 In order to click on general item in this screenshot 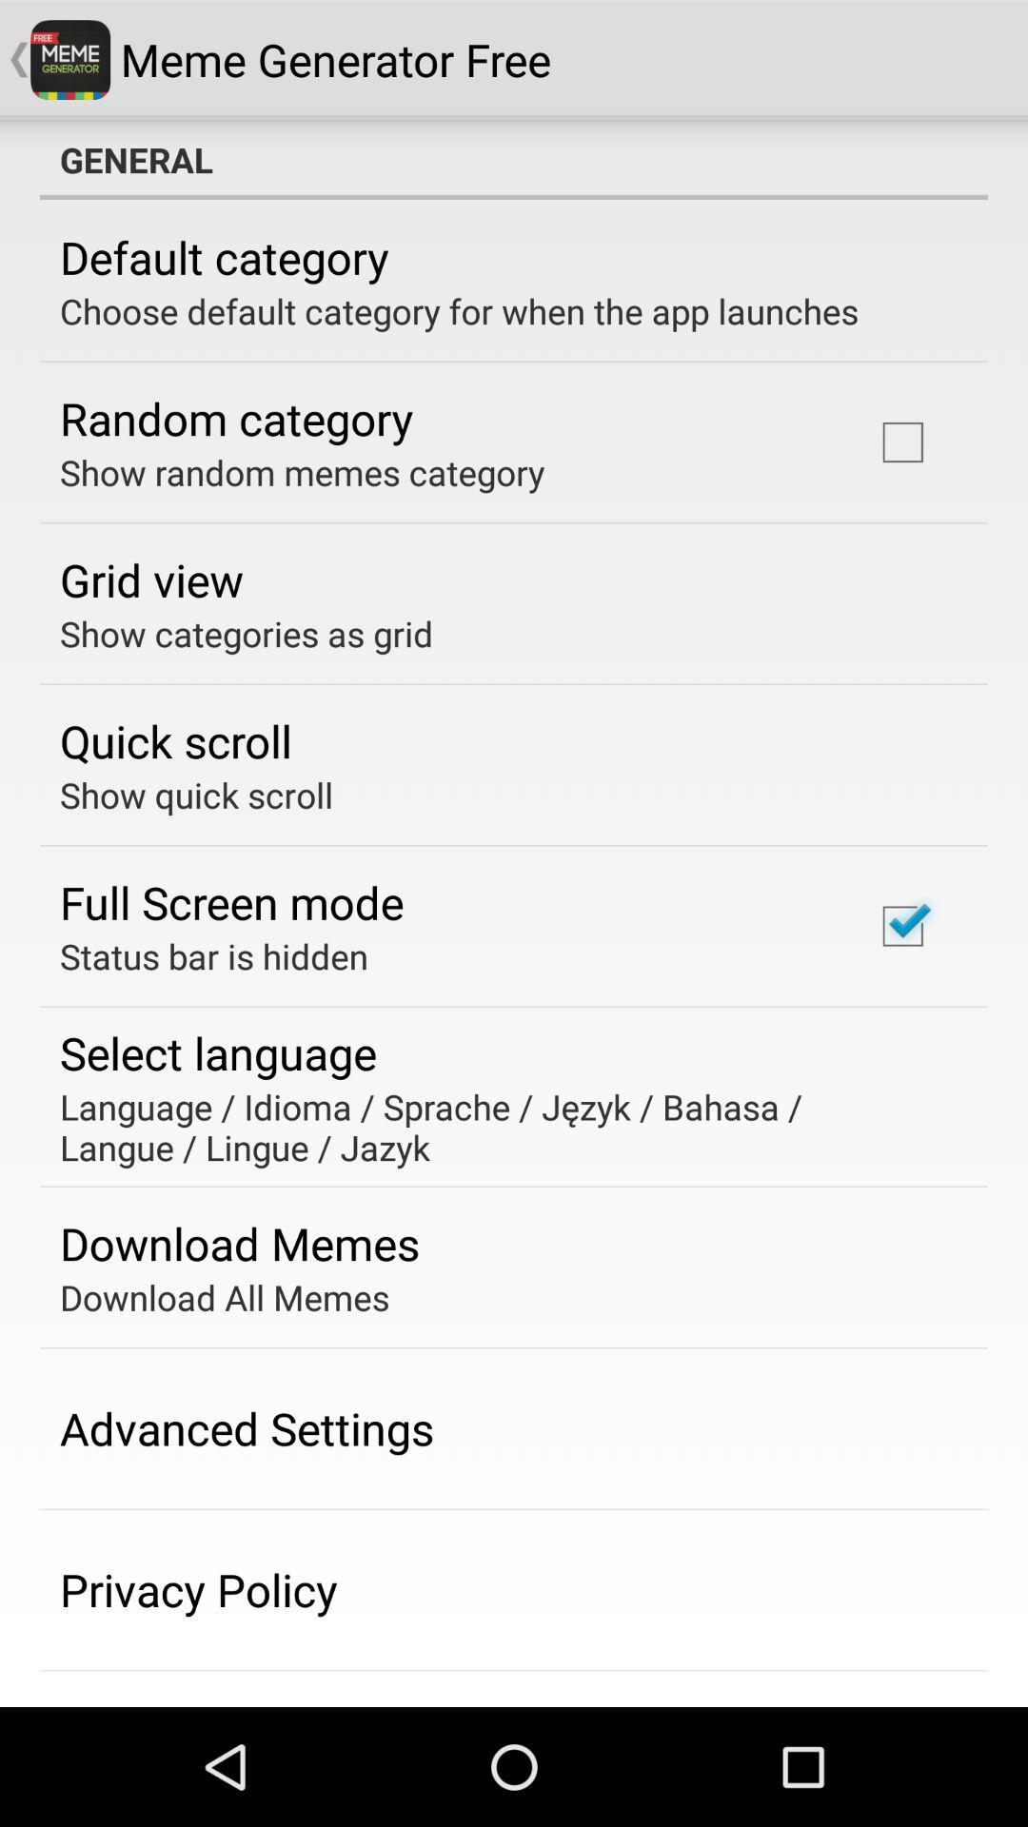, I will do `click(514, 160)`.